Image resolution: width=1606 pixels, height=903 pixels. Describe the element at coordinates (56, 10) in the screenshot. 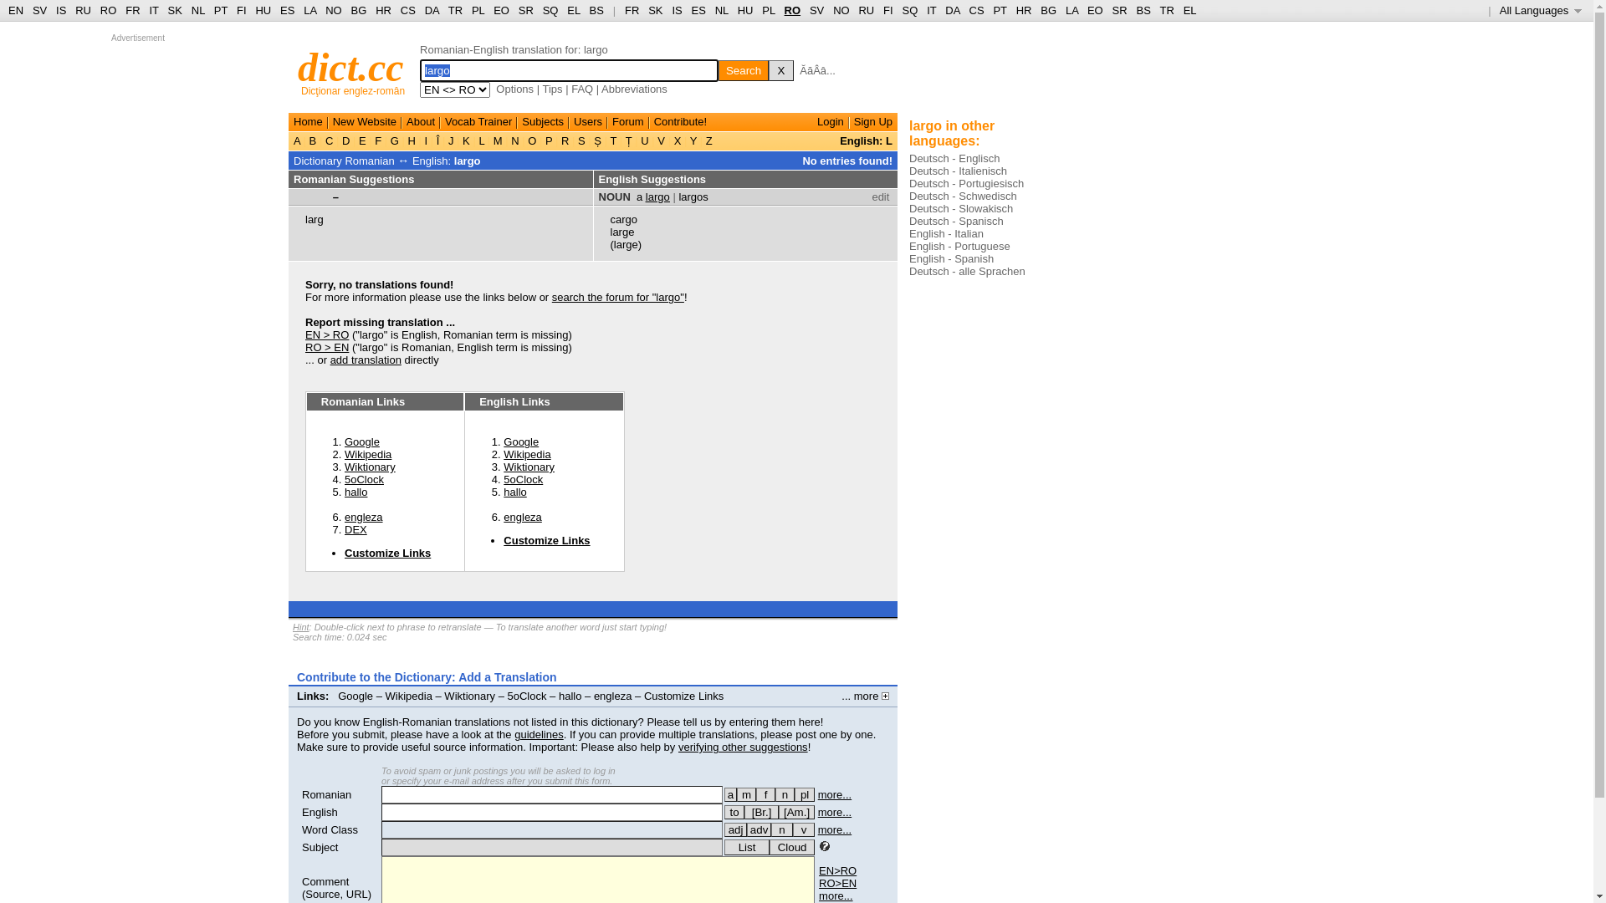

I see `'IS'` at that location.